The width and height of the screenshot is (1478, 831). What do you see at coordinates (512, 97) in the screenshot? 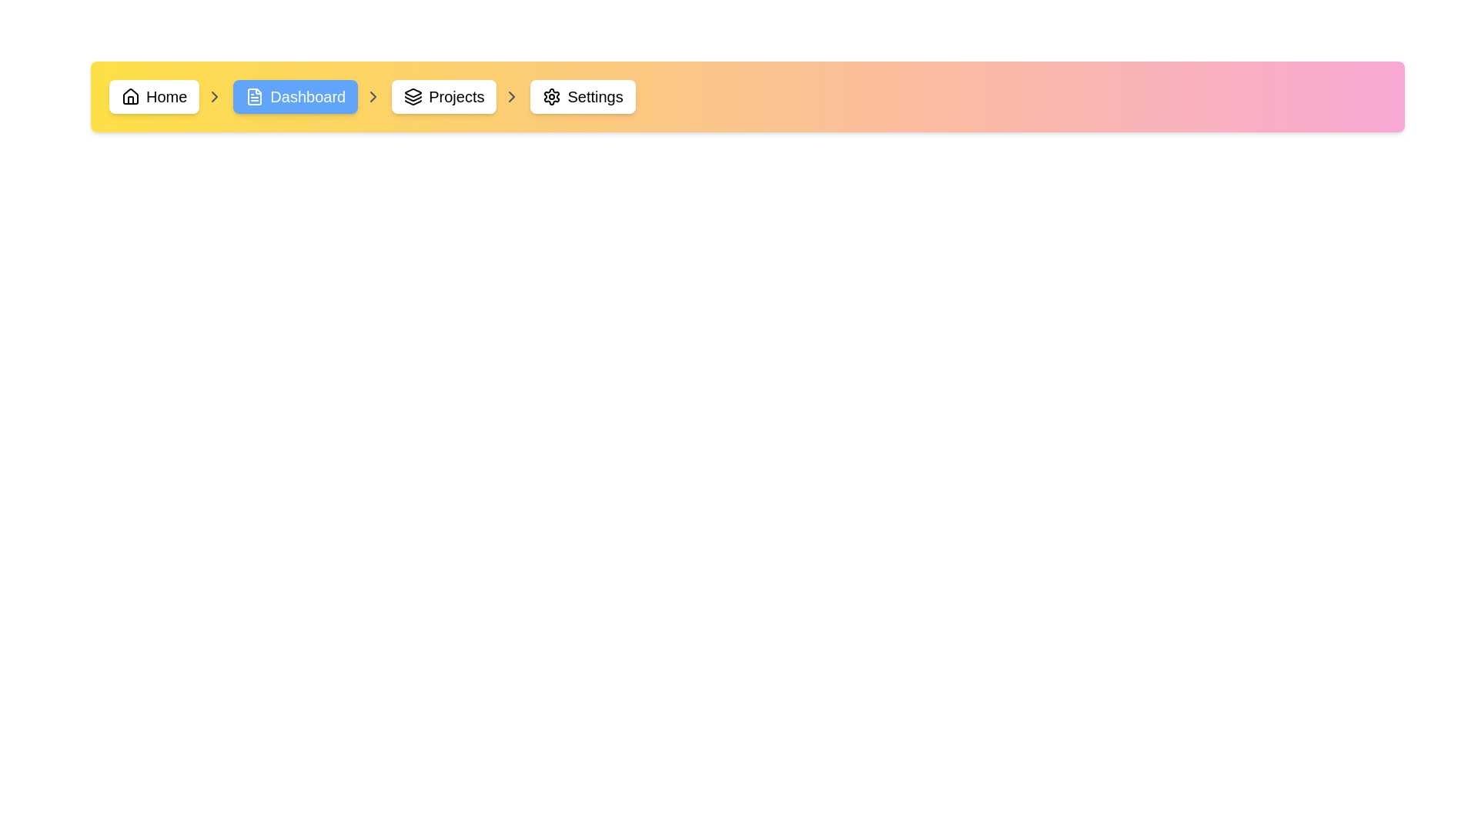
I see `the right-facing chevron icon, which serves as a navigation indicator between the 'Projects' and 'Settings' breadcrumb items` at bounding box center [512, 97].